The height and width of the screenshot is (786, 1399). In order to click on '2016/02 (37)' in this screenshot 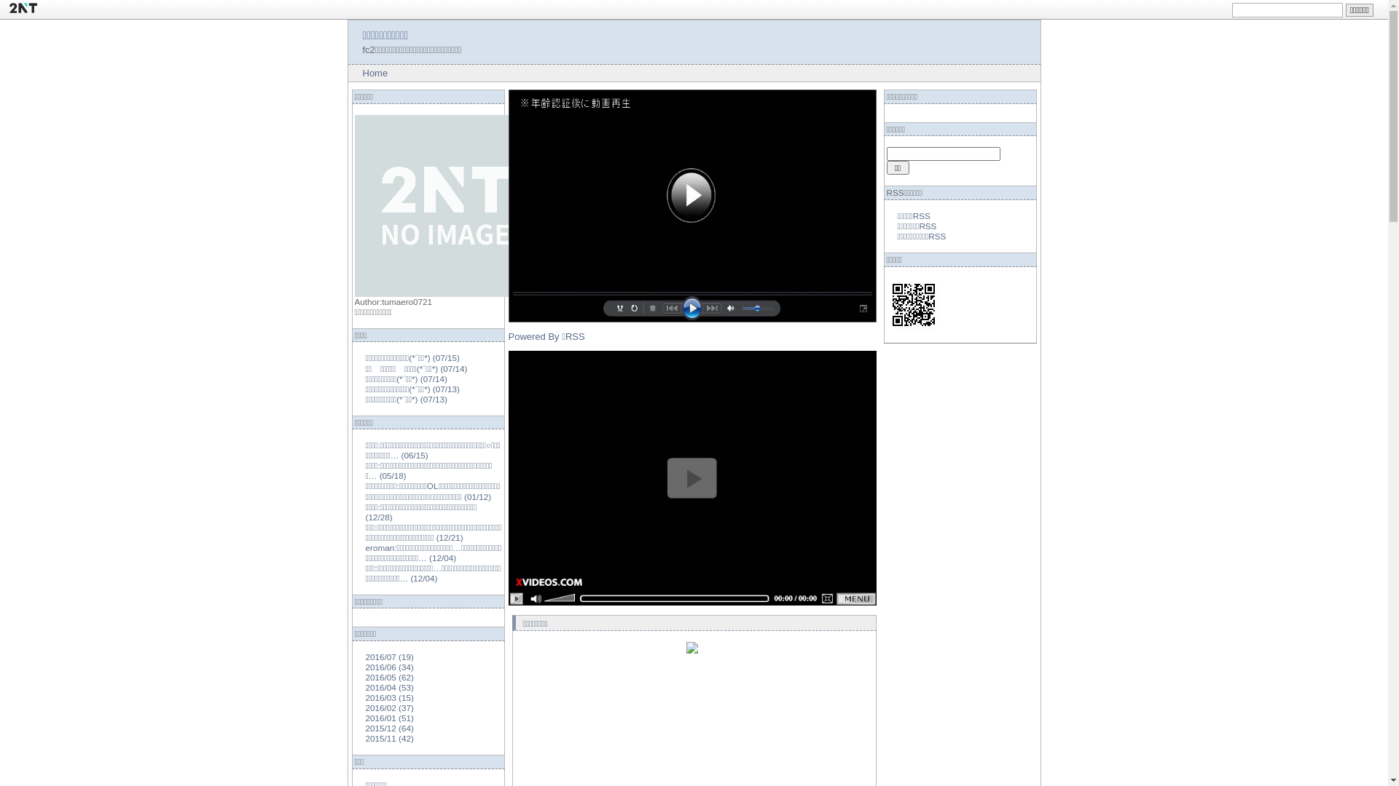, I will do `click(389, 707)`.